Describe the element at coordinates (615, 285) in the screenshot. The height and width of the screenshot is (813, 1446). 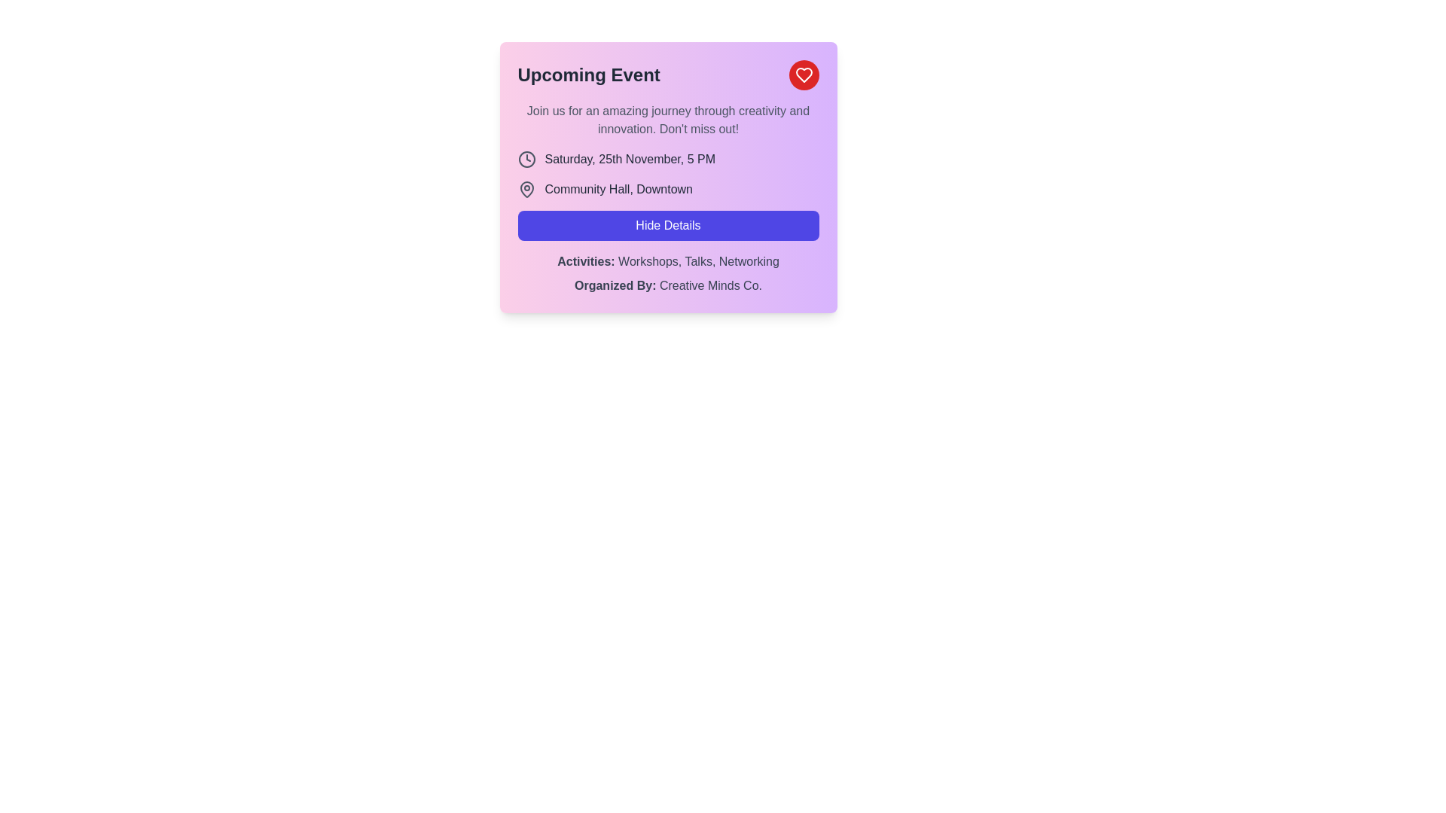
I see `the text label displaying 'Organized By:' in bold black font, located in the lower section of a card component with a purple and pink gradient background` at that location.